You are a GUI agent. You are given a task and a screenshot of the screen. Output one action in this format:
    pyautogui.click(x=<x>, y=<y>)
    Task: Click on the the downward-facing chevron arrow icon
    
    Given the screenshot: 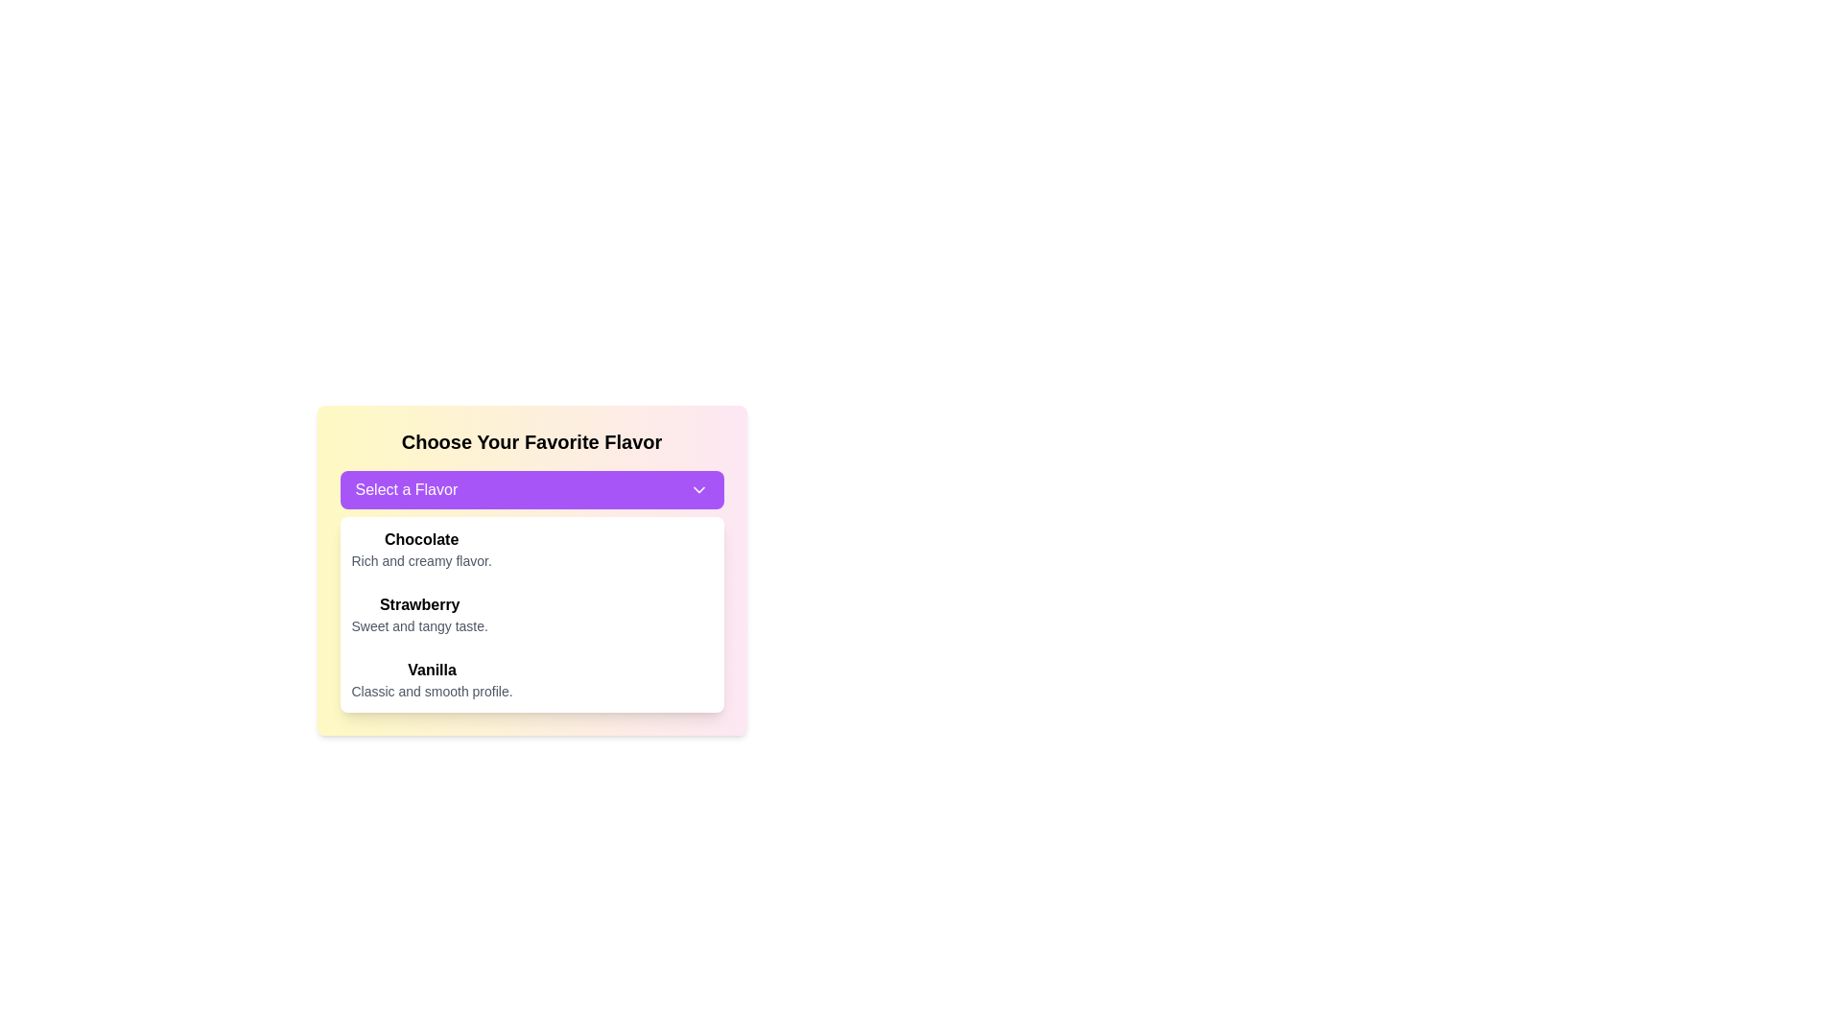 What is the action you would take?
    pyautogui.click(x=697, y=488)
    